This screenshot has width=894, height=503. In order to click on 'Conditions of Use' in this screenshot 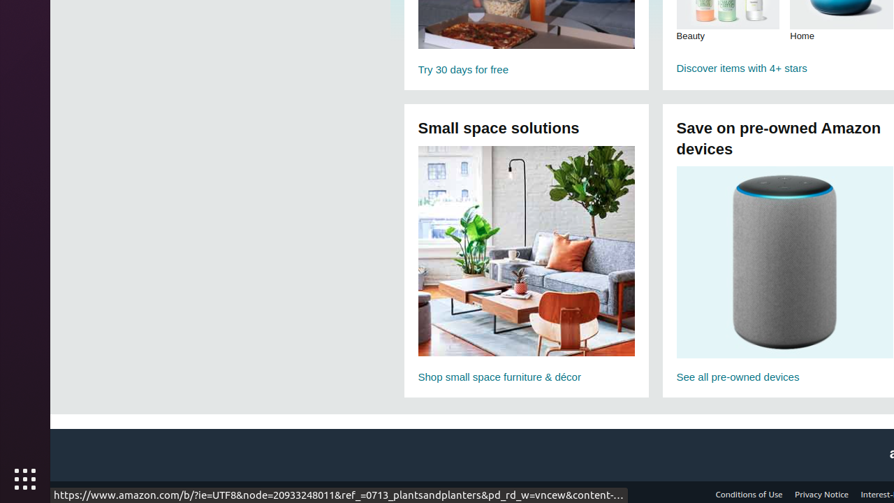, I will do `click(748, 493)`.